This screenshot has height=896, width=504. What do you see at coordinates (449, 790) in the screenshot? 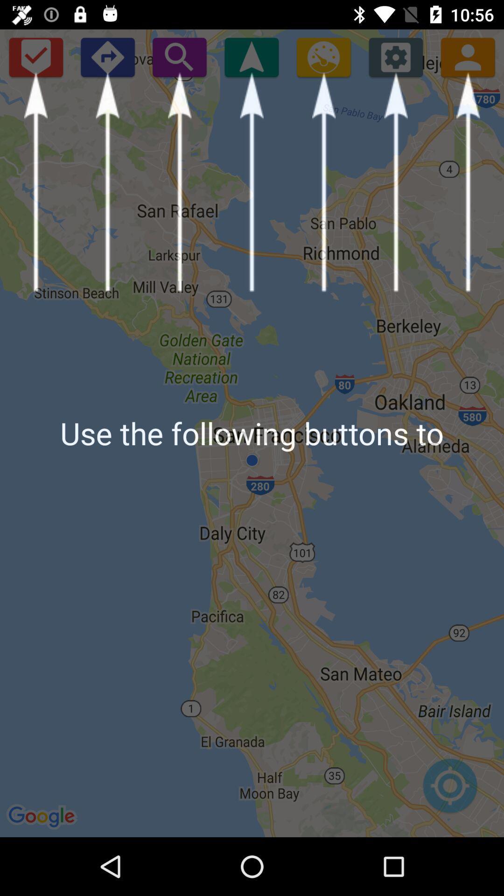
I see `item below use the following item` at bounding box center [449, 790].